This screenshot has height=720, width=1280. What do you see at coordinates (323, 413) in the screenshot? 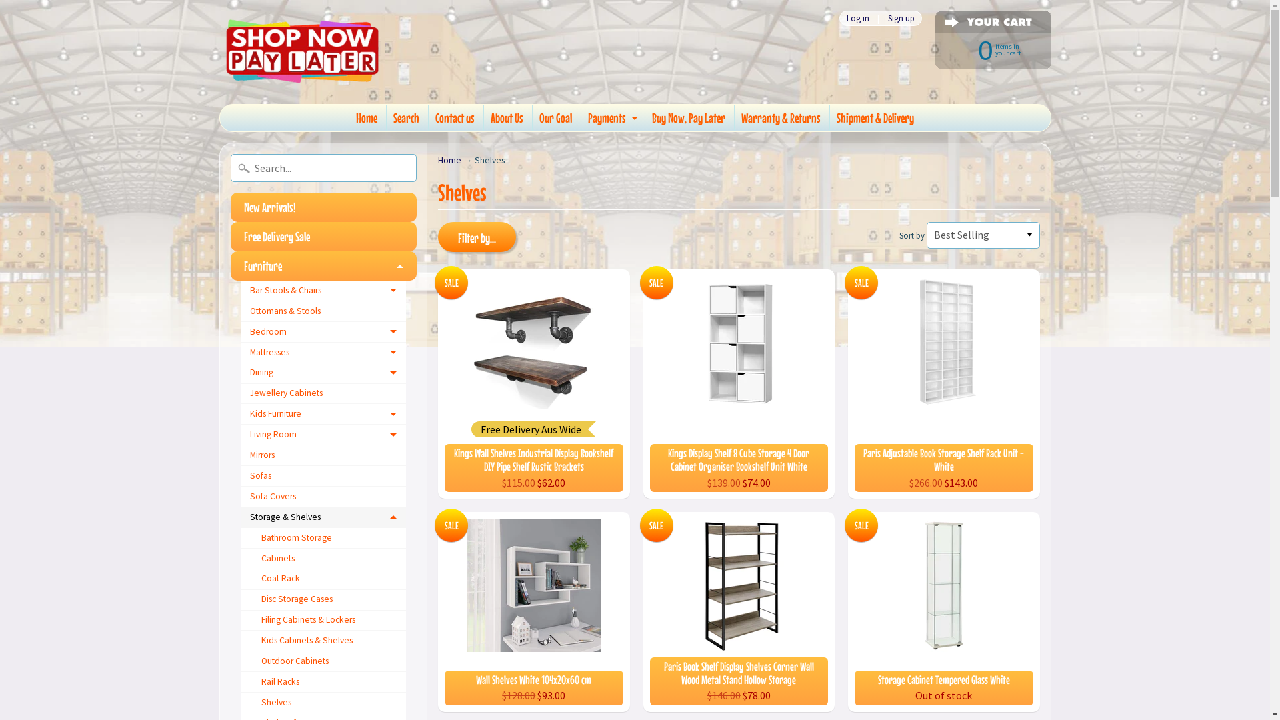
I see `'Kids Furniture'` at bounding box center [323, 413].